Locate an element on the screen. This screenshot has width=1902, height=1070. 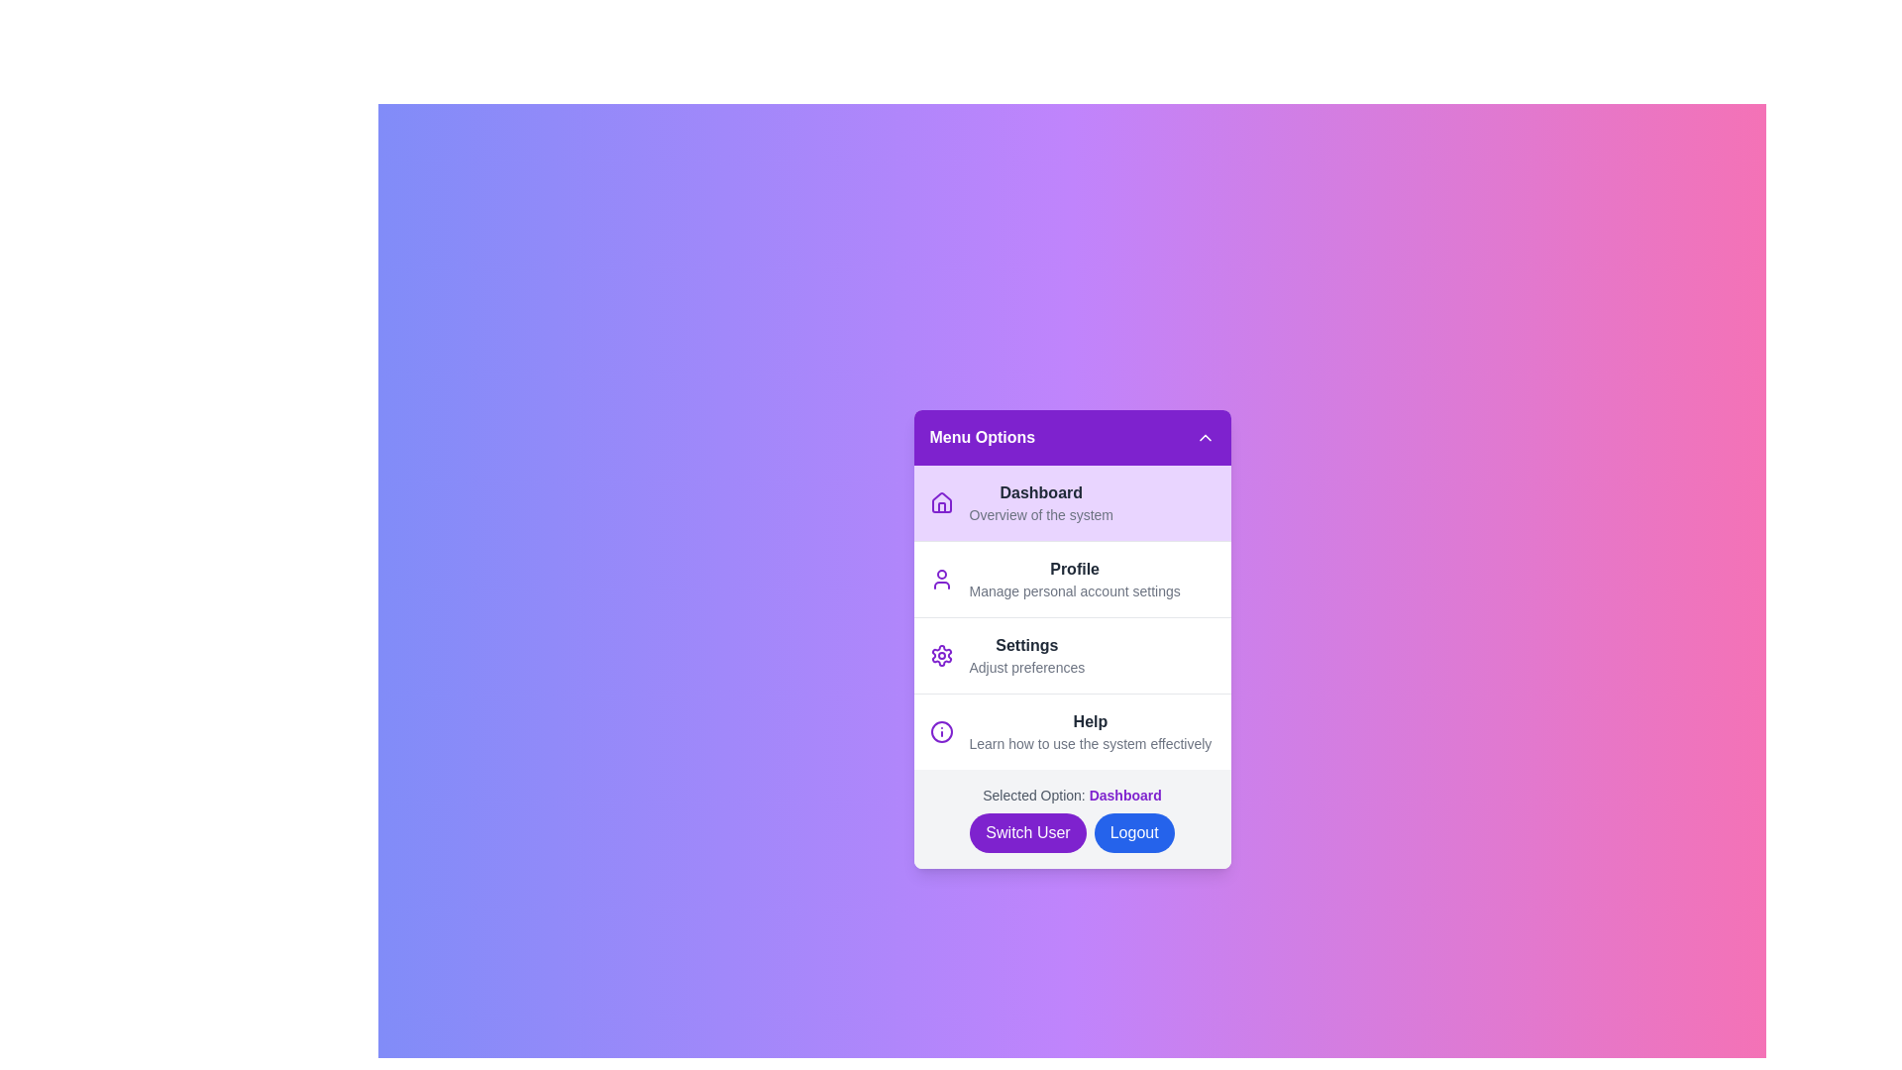
the toggle button at the top right corner of the menu header to toggle the menu visibility is located at coordinates (1204, 436).